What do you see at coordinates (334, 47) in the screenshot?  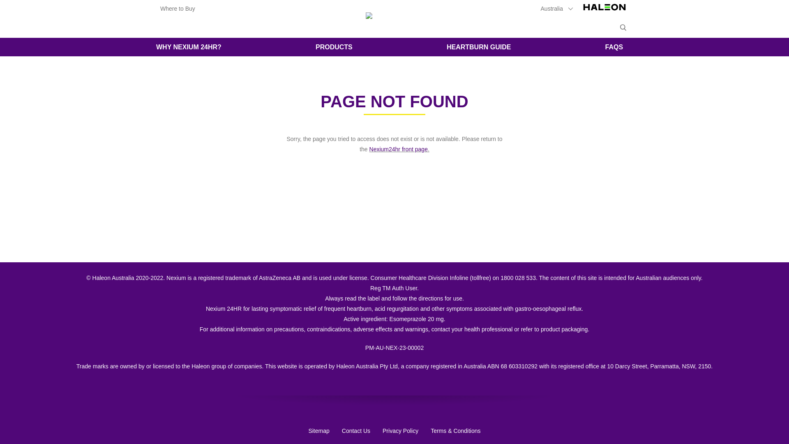 I see `'PRODUCTS'` at bounding box center [334, 47].